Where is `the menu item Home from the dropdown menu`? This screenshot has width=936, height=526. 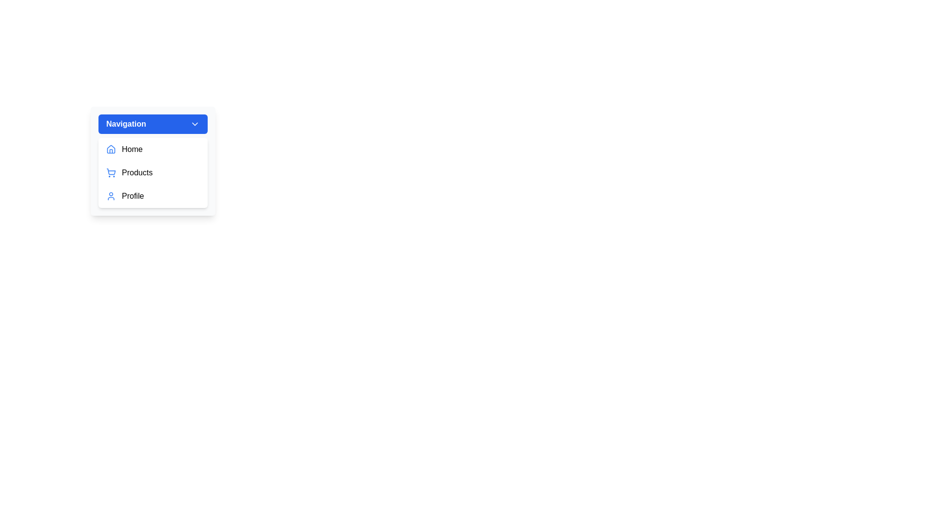 the menu item Home from the dropdown menu is located at coordinates (152, 150).